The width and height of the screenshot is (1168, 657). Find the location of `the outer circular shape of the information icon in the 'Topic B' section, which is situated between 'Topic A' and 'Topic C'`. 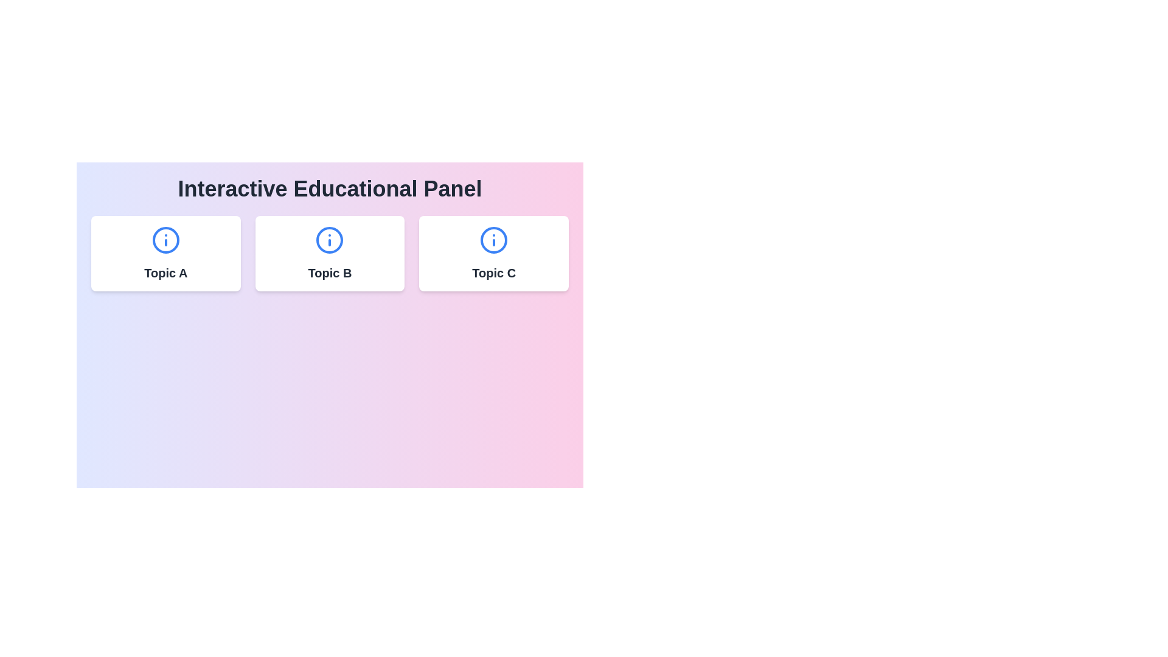

the outer circular shape of the information icon in the 'Topic B' section, which is situated between 'Topic A' and 'Topic C' is located at coordinates (330, 240).